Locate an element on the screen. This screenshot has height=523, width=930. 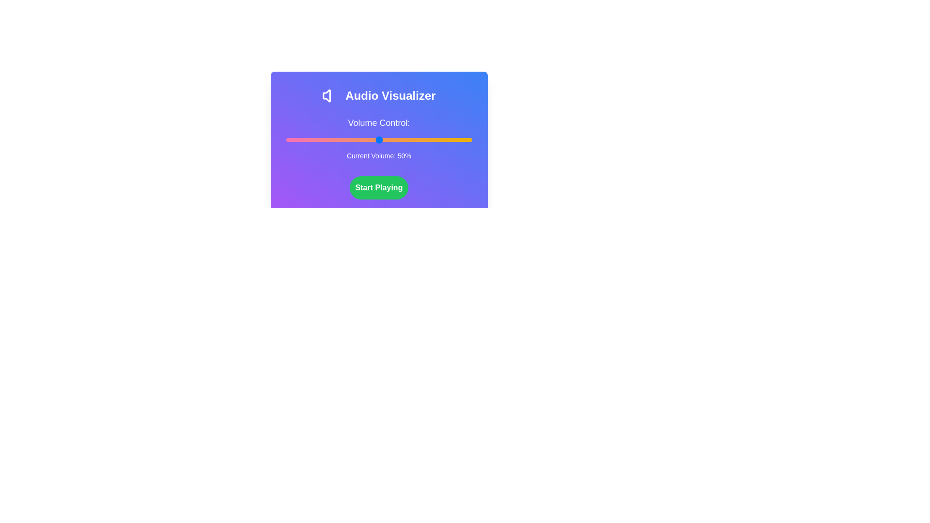
the volume level is located at coordinates (327, 140).